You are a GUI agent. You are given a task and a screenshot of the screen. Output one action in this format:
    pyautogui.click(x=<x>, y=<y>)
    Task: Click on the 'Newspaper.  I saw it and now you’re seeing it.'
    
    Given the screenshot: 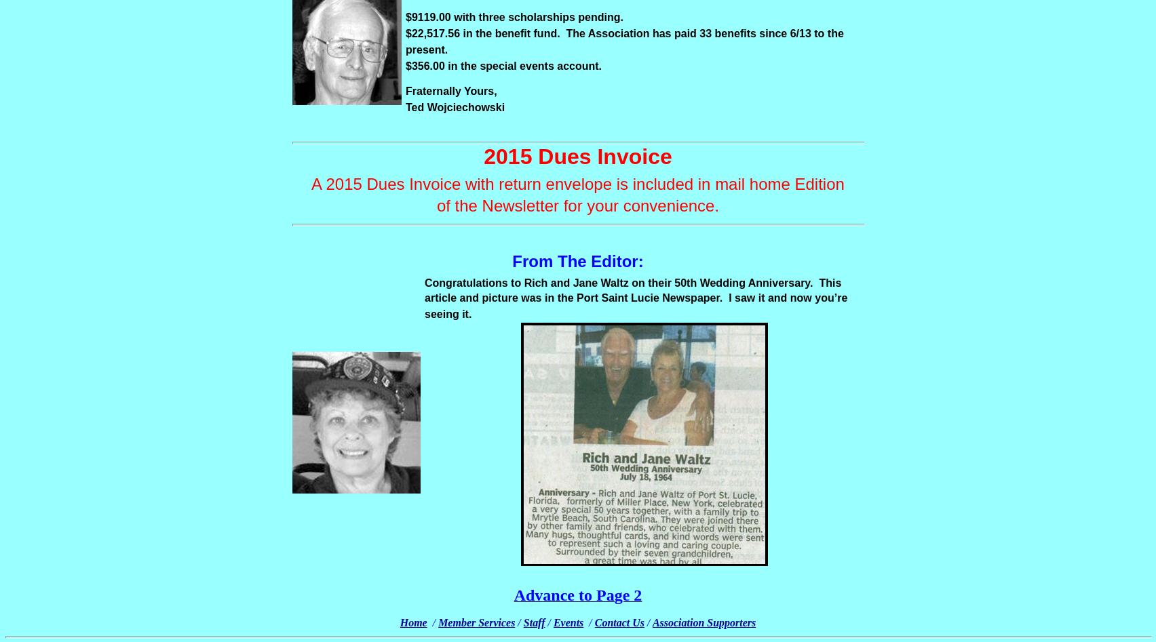 What is the action you would take?
    pyautogui.click(x=636, y=306)
    